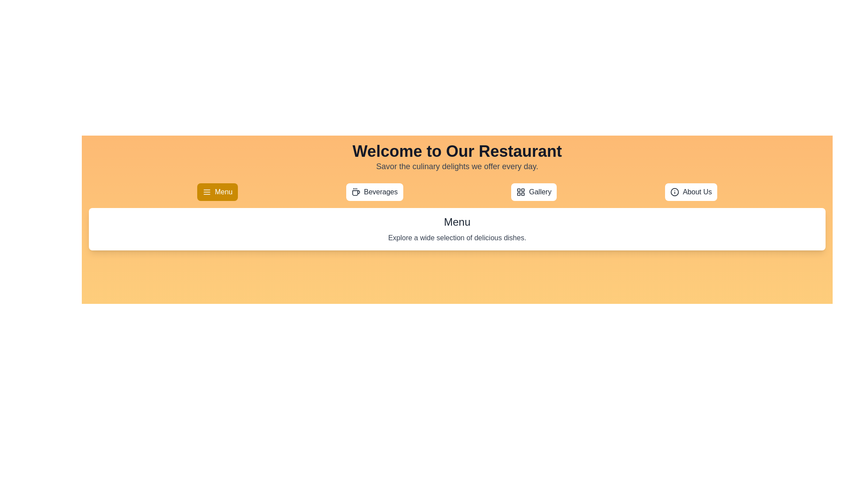 The width and height of the screenshot is (849, 477). I want to click on the tab labeled Beverages to observe its hover effect, so click(374, 192).